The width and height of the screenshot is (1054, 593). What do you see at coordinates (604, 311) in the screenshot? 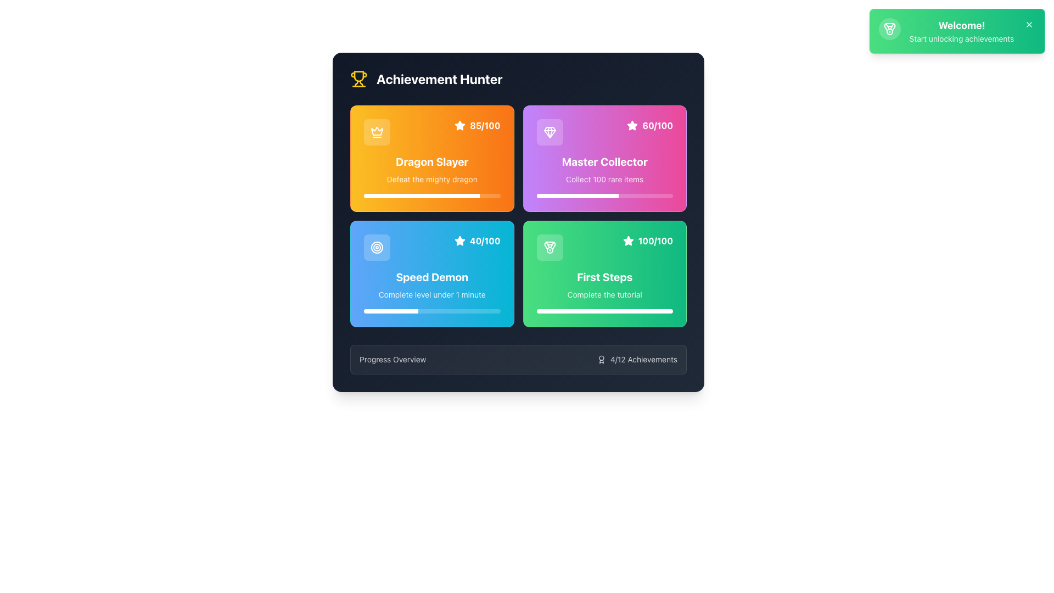
I see `the progress bar located at the bottom of the 'First Steps' green card, beneath the text 'Complete the tutorial'` at bounding box center [604, 311].